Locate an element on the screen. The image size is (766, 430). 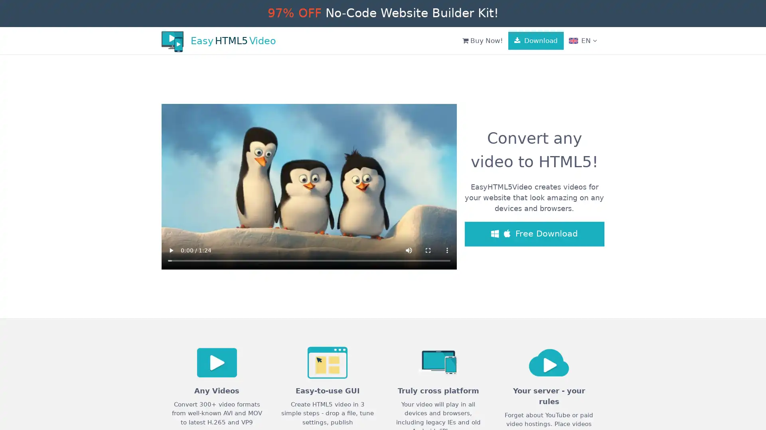
show more media controls is located at coordinates (447, 250).